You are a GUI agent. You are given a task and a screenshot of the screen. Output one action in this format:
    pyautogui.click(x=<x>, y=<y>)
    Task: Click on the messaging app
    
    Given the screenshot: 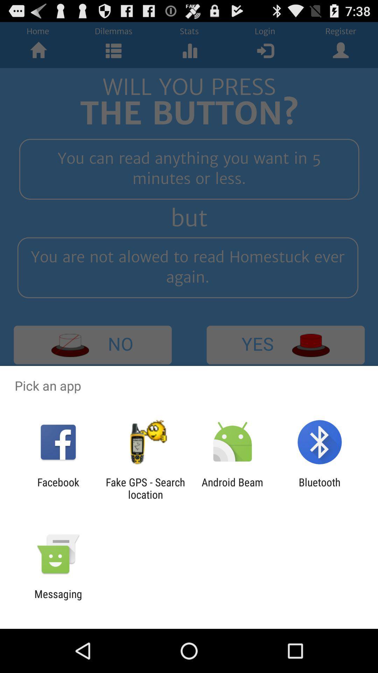 What is the action you would take?
    pyautogui.click(x=58, y=600)
    